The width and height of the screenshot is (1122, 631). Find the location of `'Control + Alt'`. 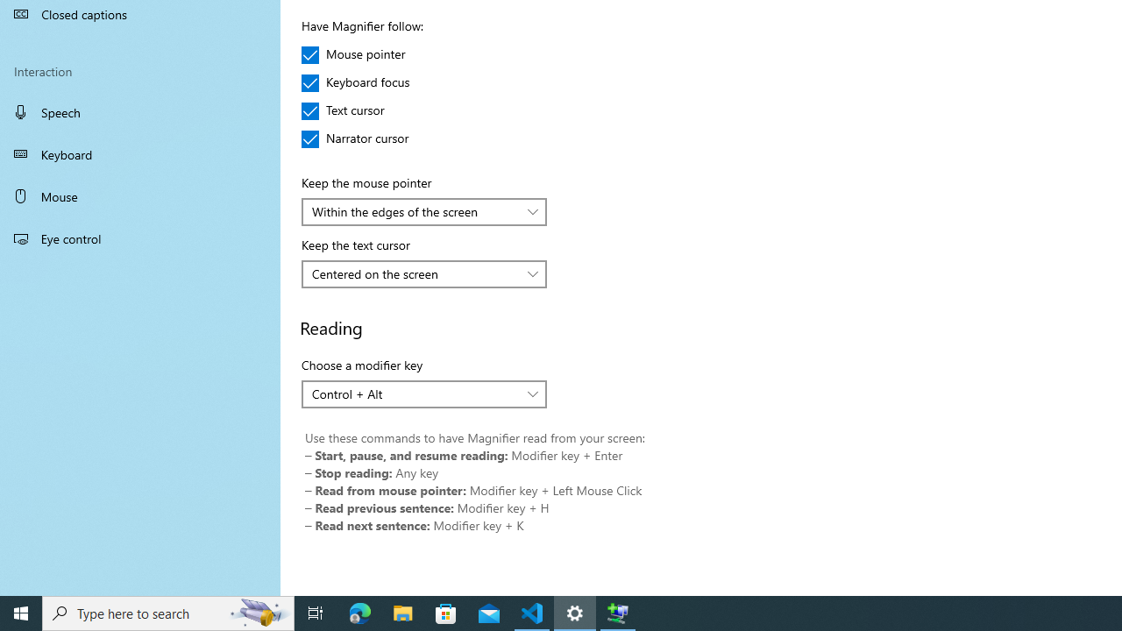

'Control + Alt' is located at coordinates (414, 393).